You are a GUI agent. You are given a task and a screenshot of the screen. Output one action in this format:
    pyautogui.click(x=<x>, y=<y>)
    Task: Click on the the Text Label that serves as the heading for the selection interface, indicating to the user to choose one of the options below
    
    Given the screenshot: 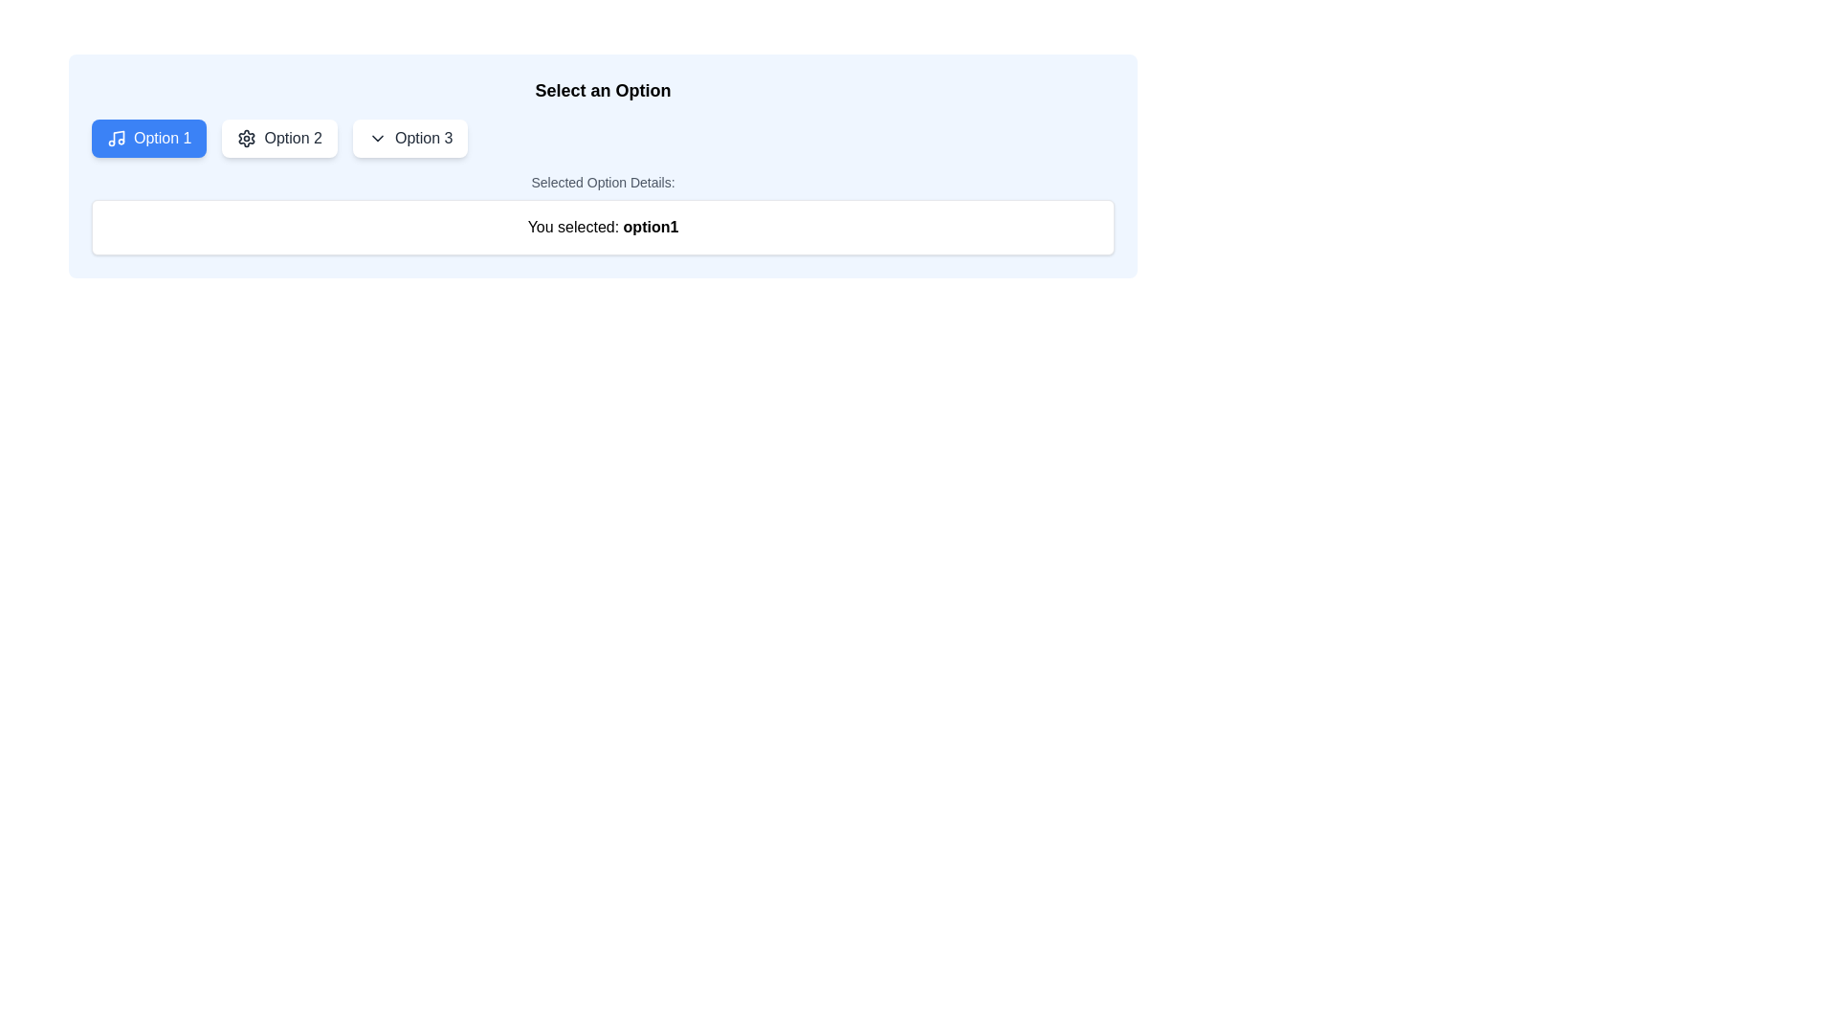 What is the action you would take?
    pyautogui.click(x=602, y=91)
    